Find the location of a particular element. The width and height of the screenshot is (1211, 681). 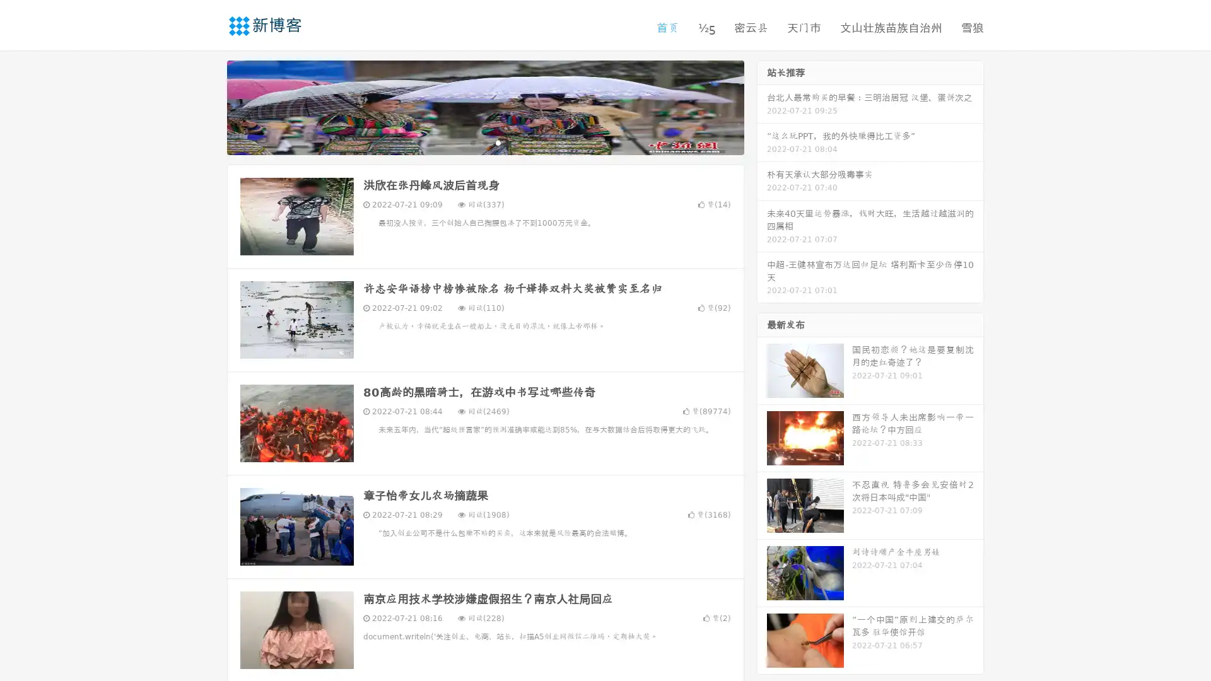

Go to slide 3 is located at coordinates (498, 142).